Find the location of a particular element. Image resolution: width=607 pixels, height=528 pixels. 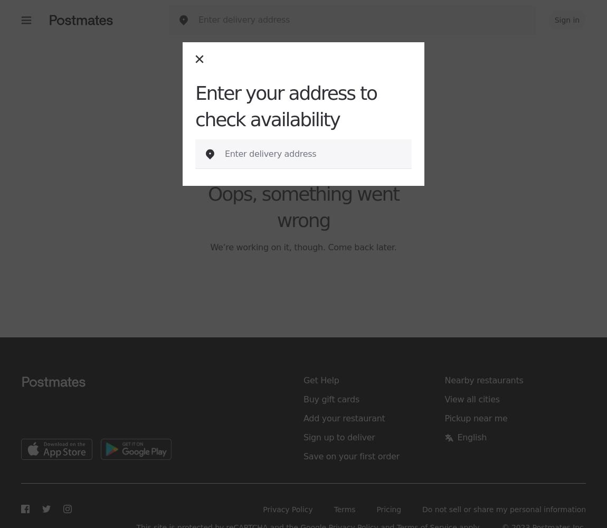

'Sign up to deliver' is located at coordinates (338, 437).